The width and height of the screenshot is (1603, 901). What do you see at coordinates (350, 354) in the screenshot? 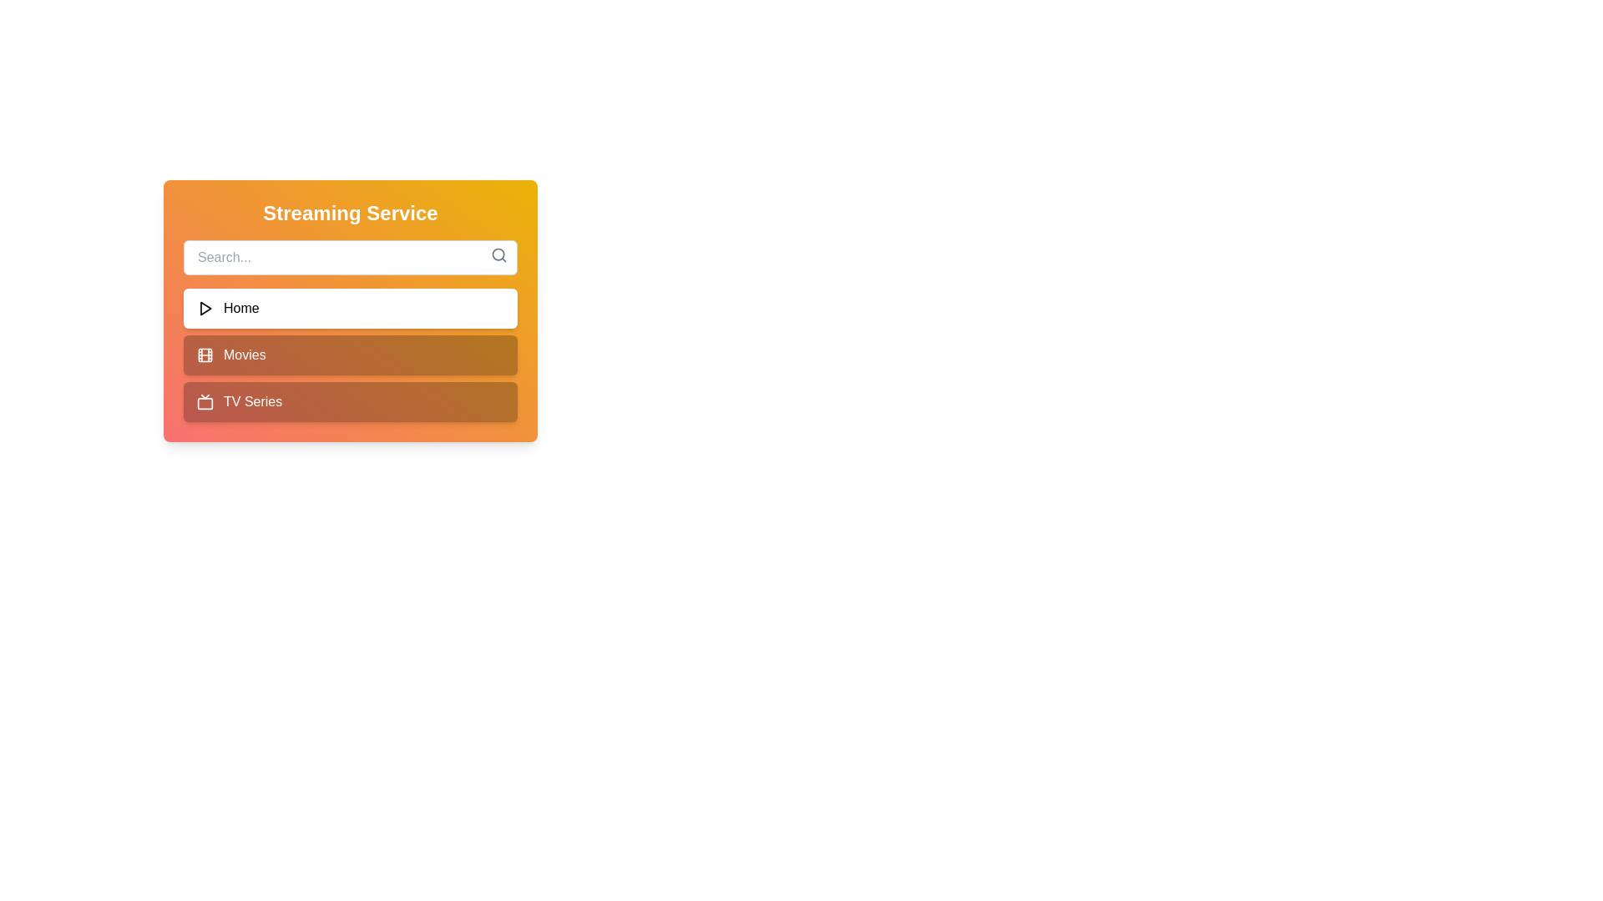
I see `the 'Movies' button, which is a rectangular button with rounded edges, located below the 'Home' button and above the 'TV Series' button` at bounding box center [350, 354].